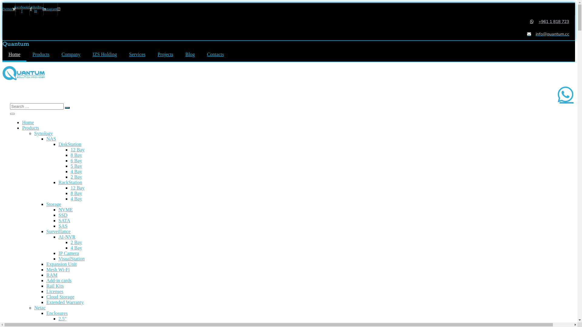 The width and height of the screenshot is (582, 327). I want to click on 'Mesh Wi-Fi', so click(58, 269).